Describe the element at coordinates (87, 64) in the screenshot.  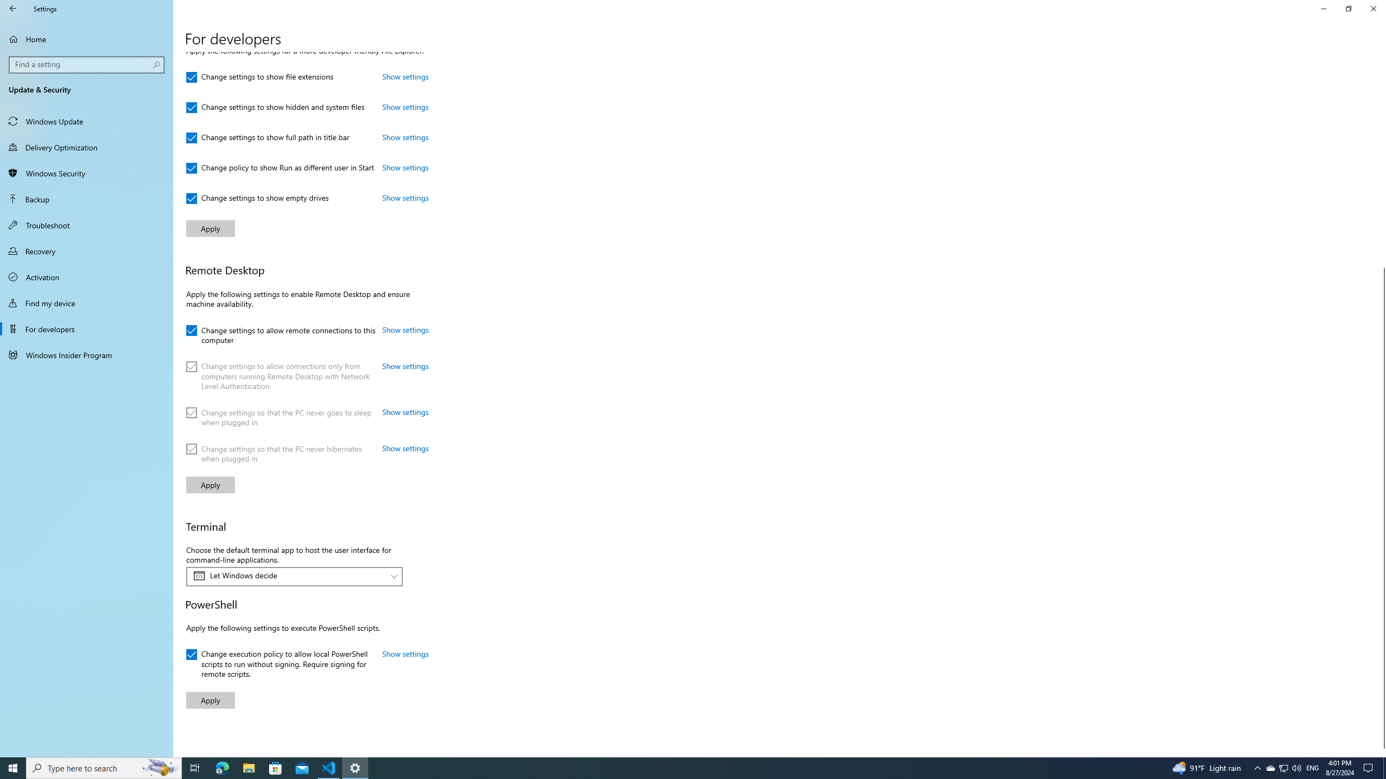
I see `'Search box, Find a setting'` at that location.